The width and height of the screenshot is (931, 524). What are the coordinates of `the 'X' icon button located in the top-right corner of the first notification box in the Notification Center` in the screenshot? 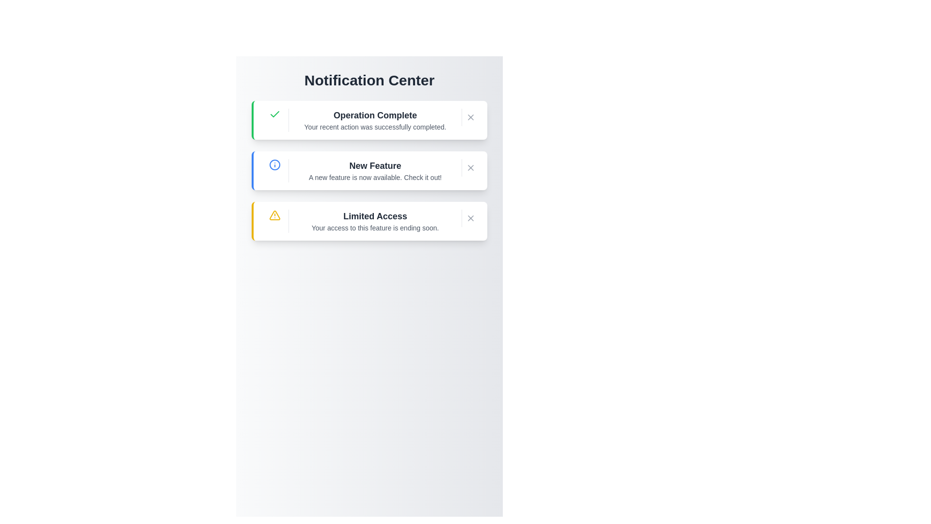 It's located at (470, 117).